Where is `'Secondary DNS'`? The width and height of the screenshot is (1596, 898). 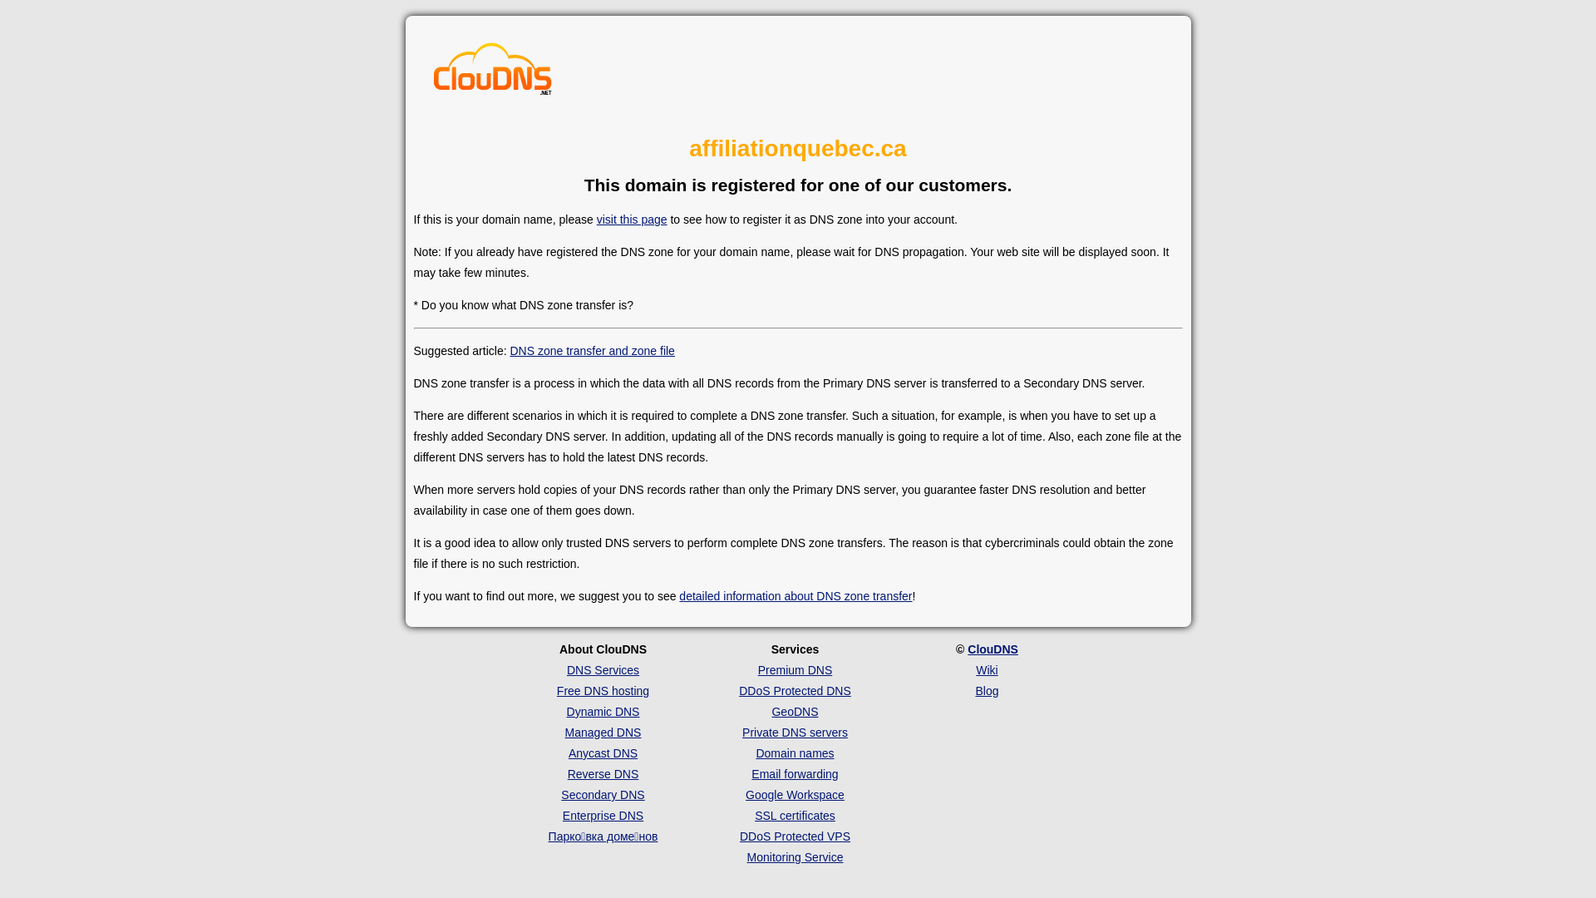 'Secondary DNS' is located at coordinates (601, 794).